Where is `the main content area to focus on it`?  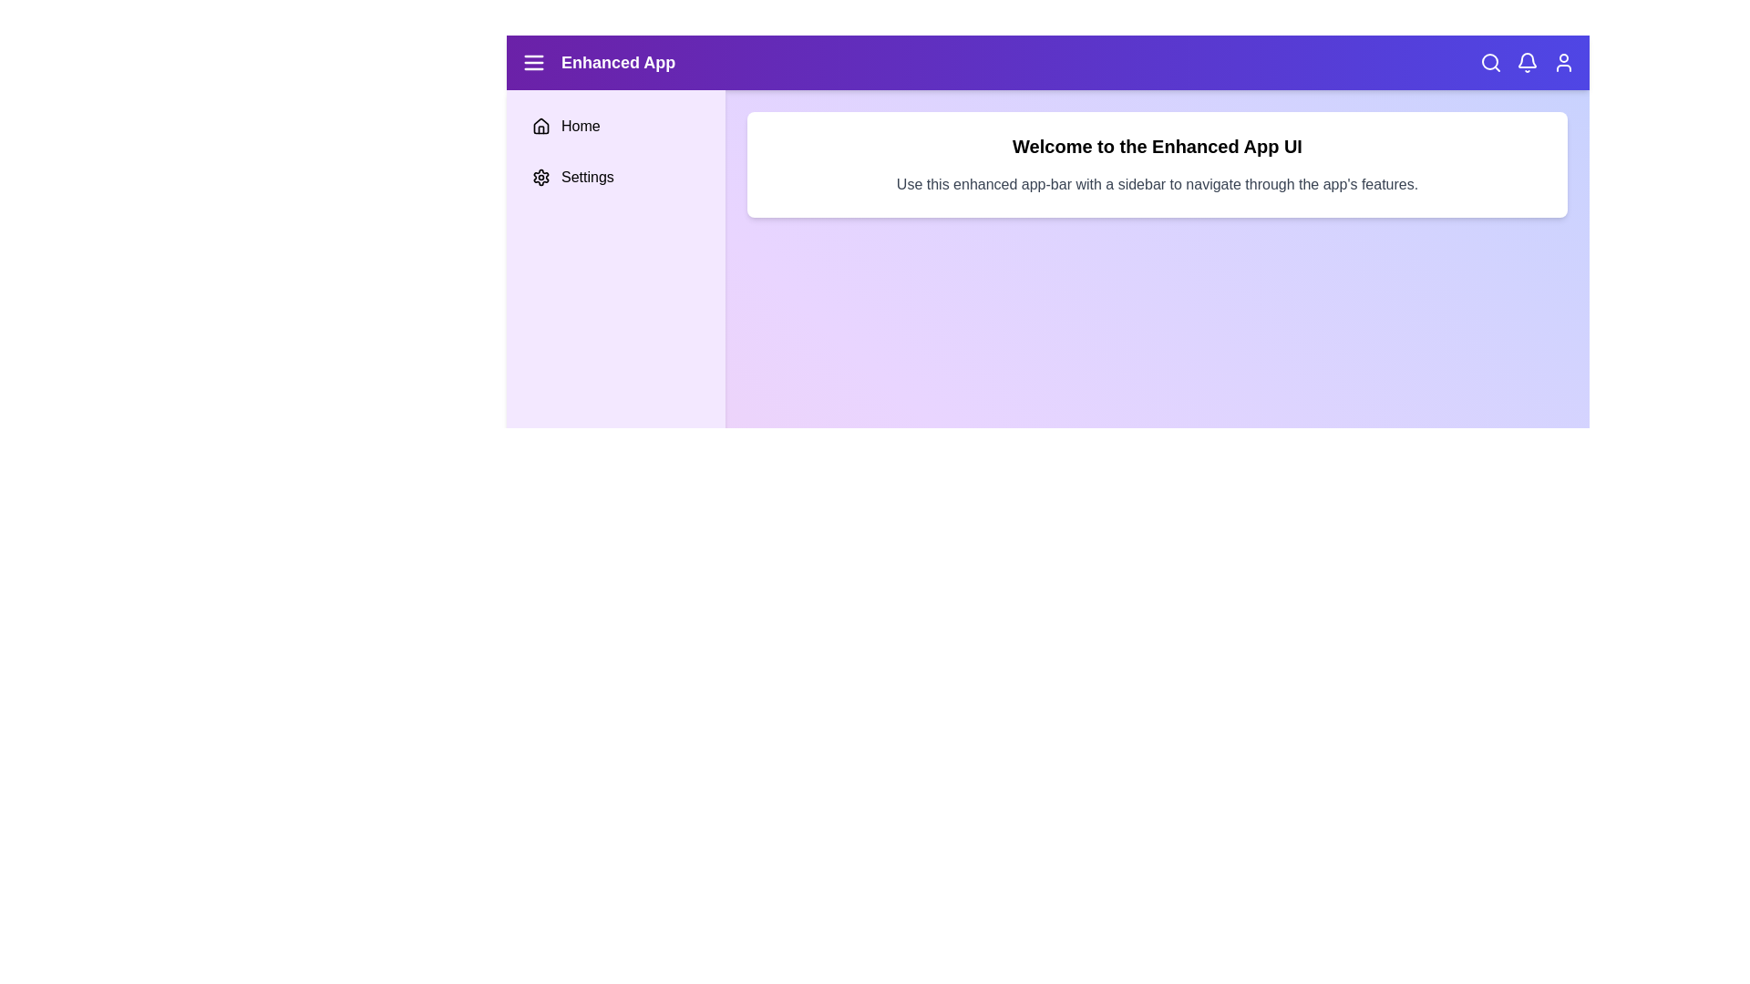 the main content area to focus on it is located at coordinates (1157, 554).